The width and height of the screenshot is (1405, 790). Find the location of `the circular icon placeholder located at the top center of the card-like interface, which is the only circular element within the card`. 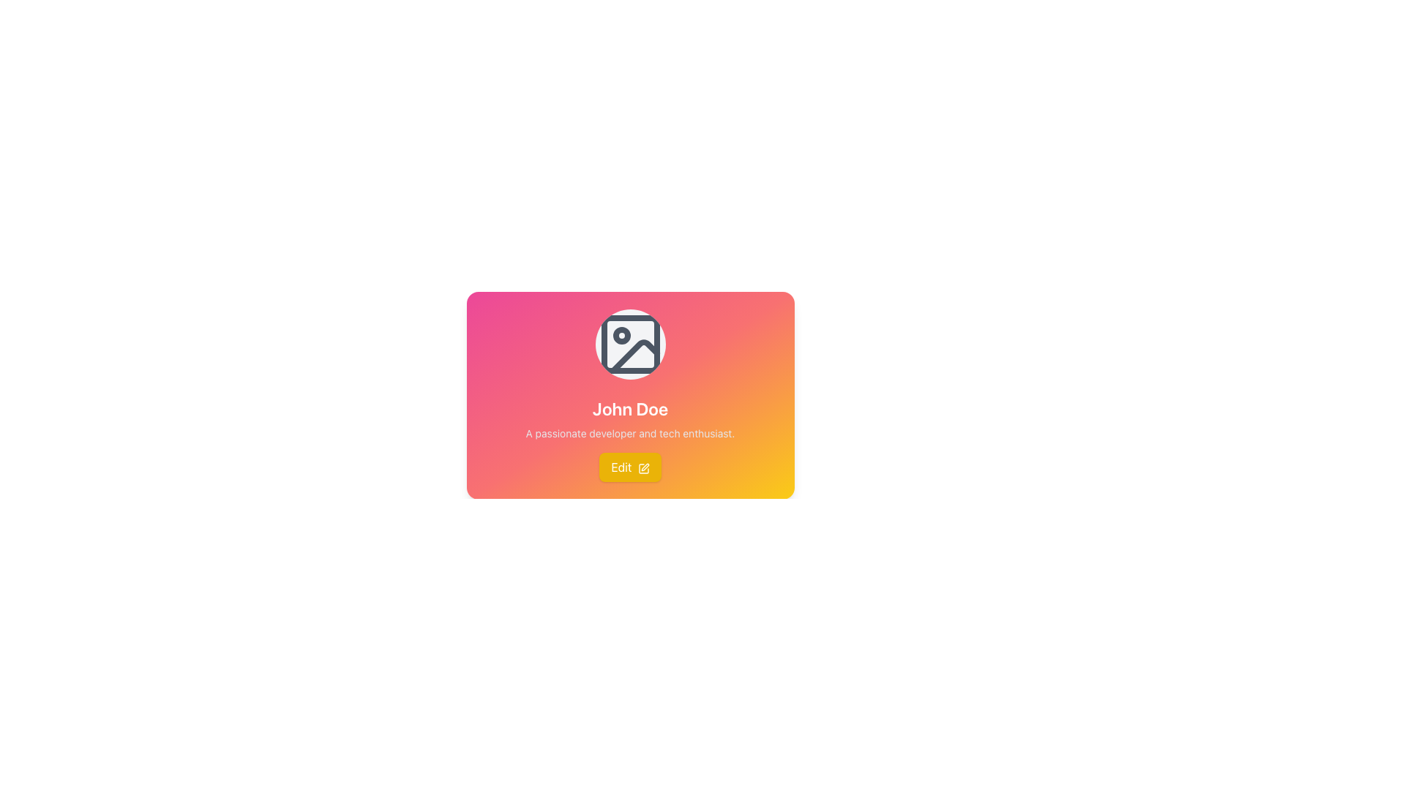

the circular icon placeholder located at the top center of the card-like interface, which is the only circular element within the card is located at coordinates (630, 344).